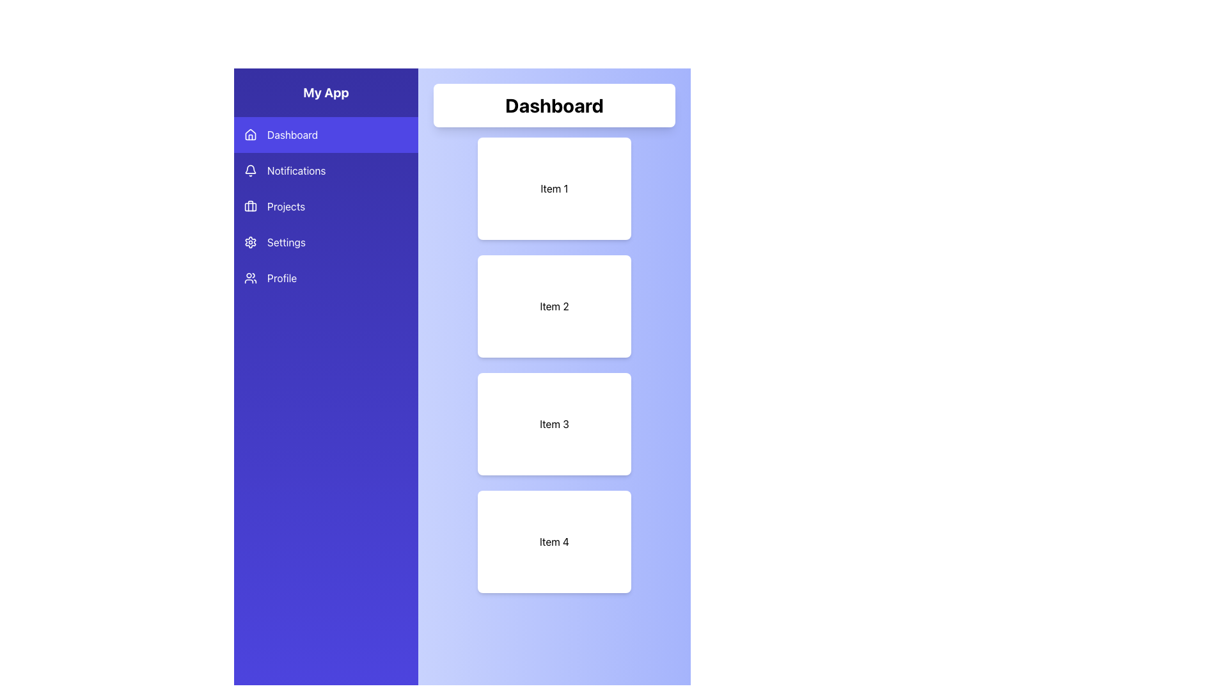  I want to click on the settings icon located in the left sidebar, which visually indicates the 'Settings' menu item and is positioned above the 'Profile' menu item, so click(251, 242).